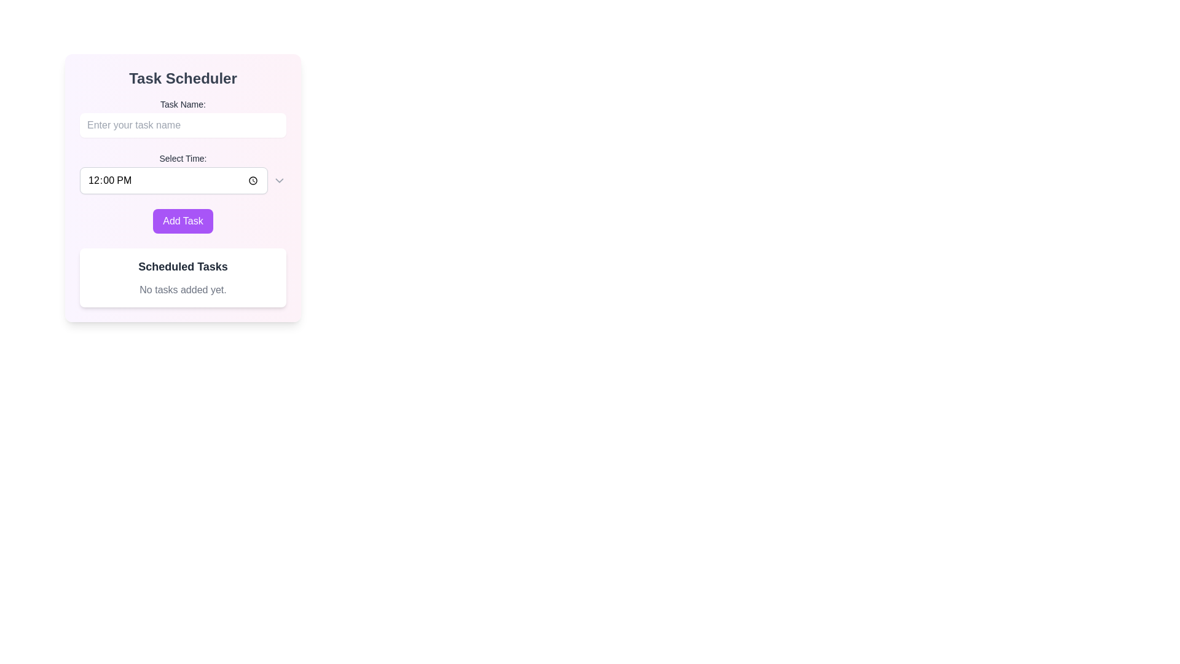 The height and width of the screenshot is (664, 1180). Describe the element at coordinates (182, 220) in the screenshot. I see `the 'Add Task' button located at the bottom of the form to observe the hover effect` at that location.